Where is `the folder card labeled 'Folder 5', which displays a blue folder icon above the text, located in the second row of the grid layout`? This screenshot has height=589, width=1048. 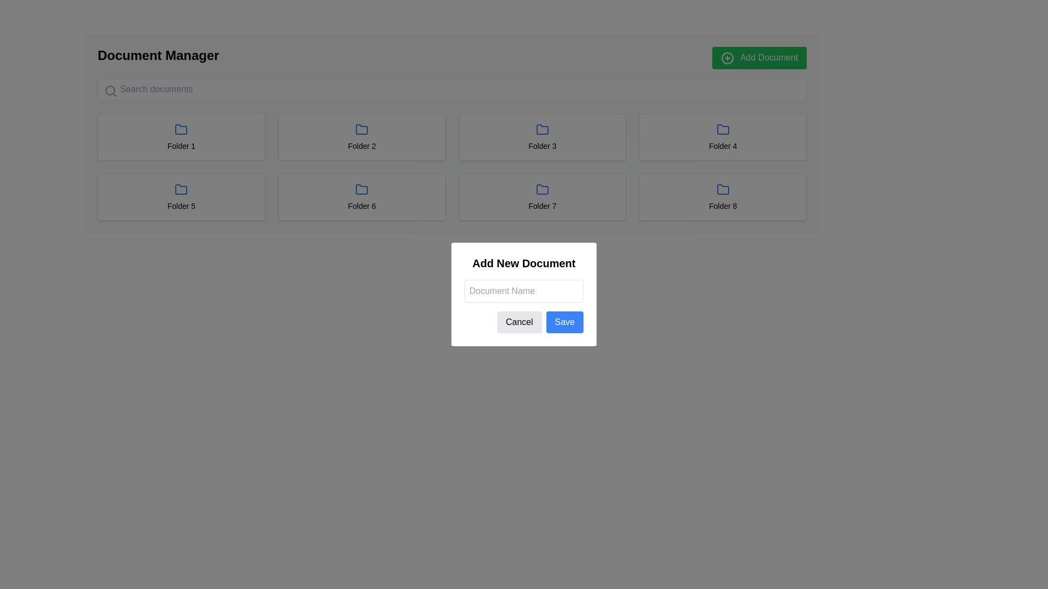 the folder card labeled 'Folder 5', which displays a blue folder icon above the text, located in the second row of the grid layout is located at coordinates (181, 197).